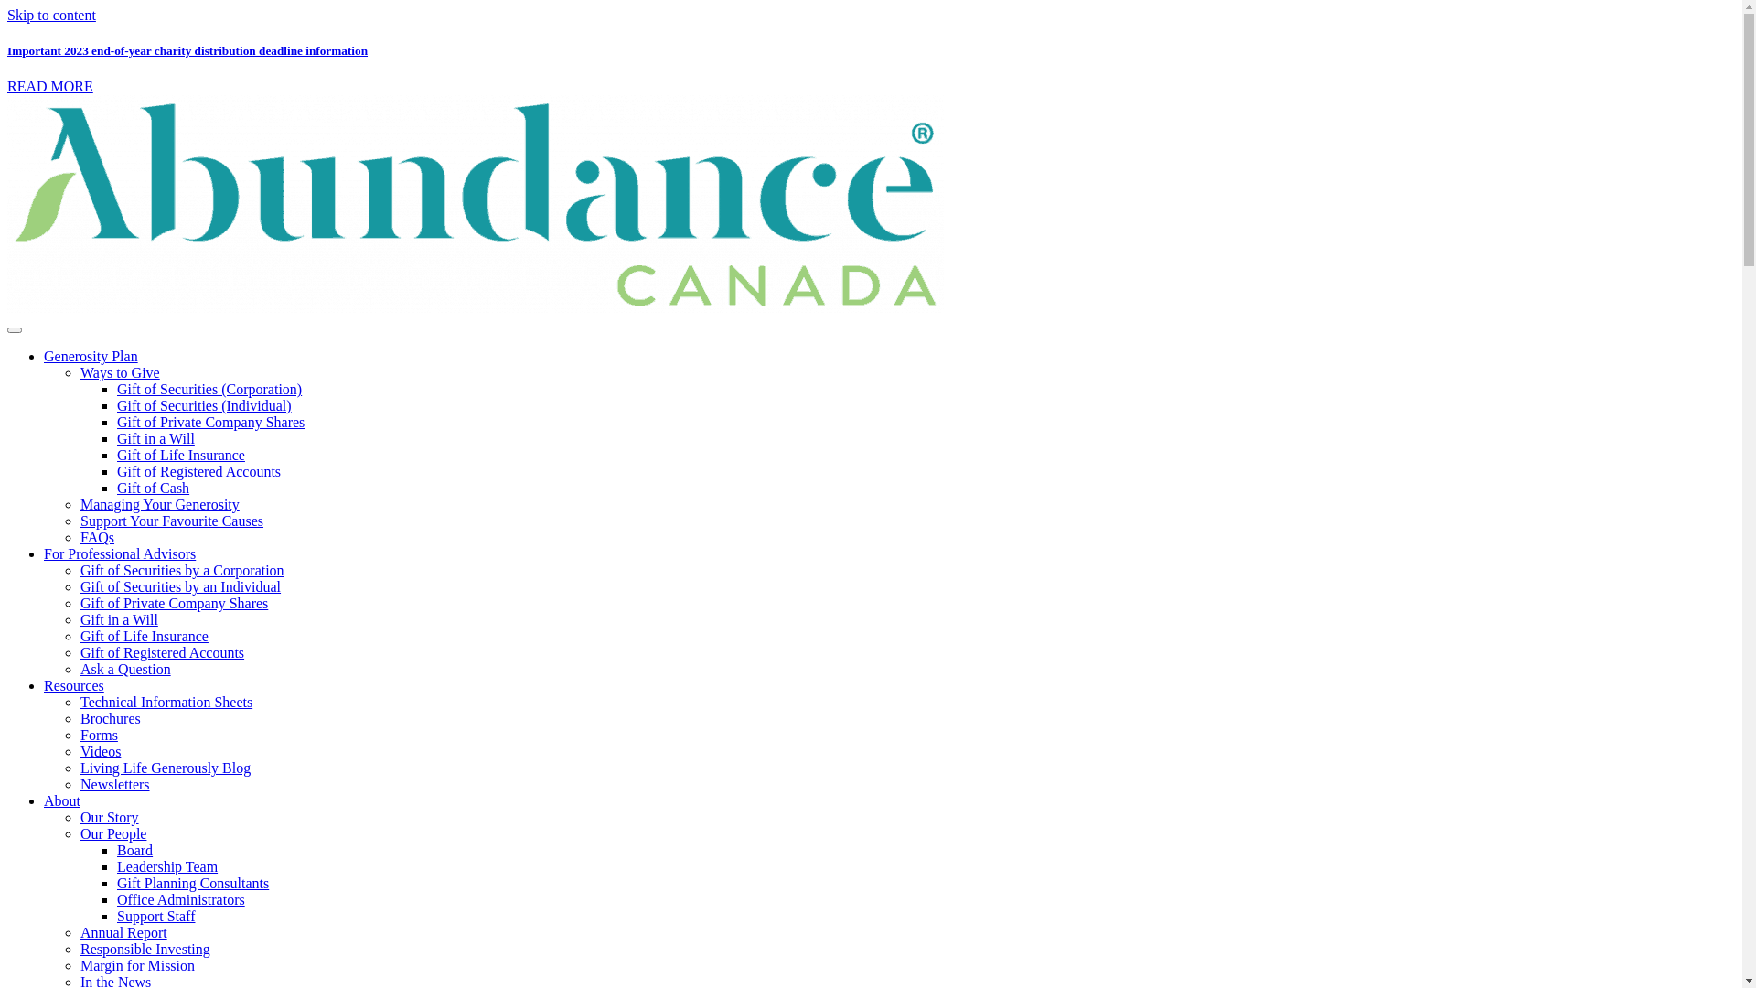 Image resolution: width=1756 pixels, height=988 pixels. Describe the element at coordinates (79, 669) in the screenshot. I see `'Ask a Question'` at that location.